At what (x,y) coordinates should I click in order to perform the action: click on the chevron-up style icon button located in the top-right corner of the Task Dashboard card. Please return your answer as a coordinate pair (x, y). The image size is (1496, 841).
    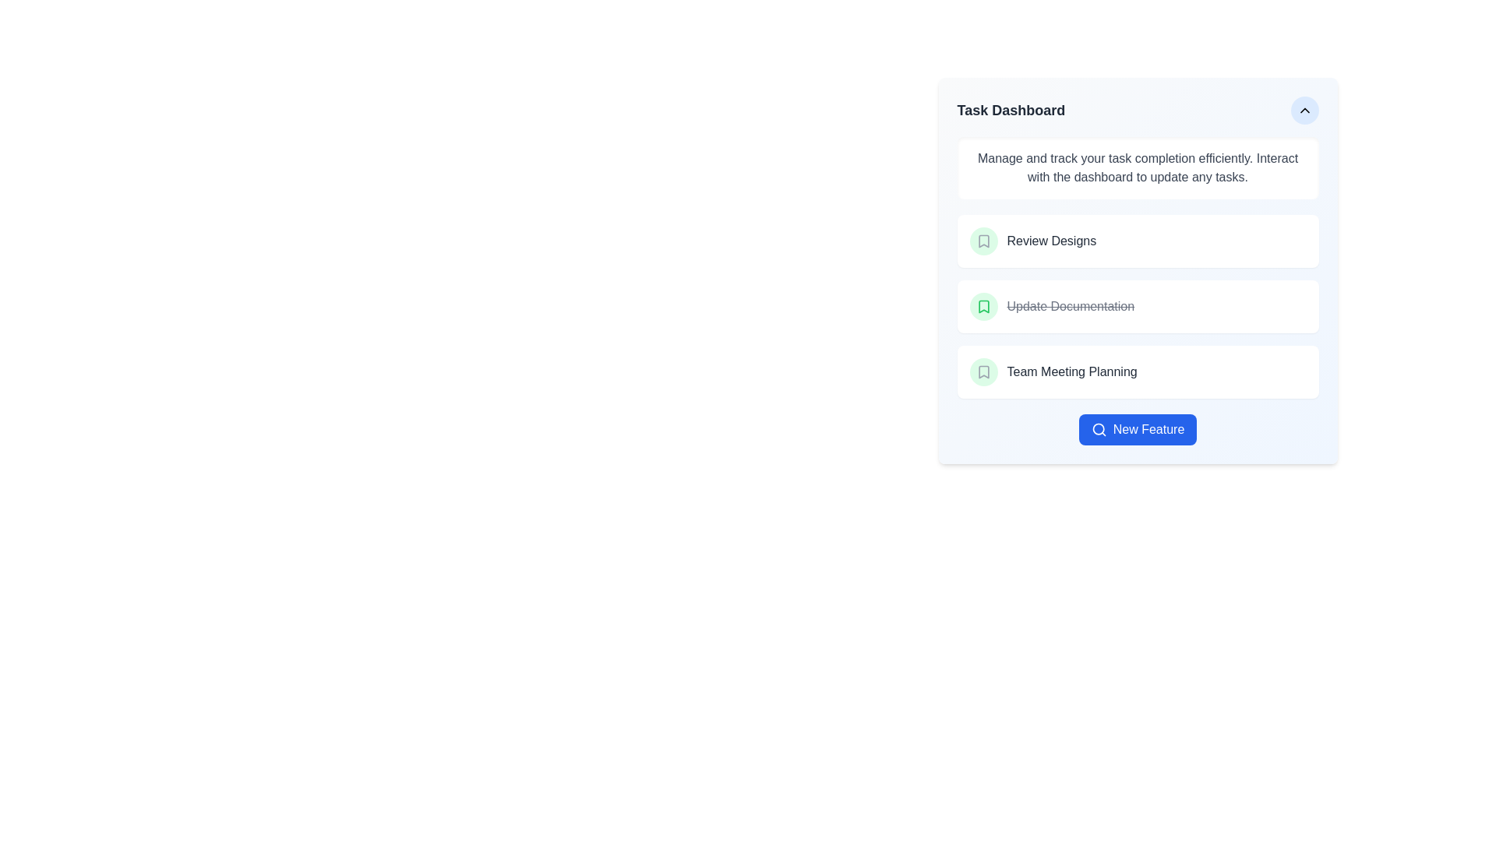
    Looking at the image, I should click on (1304, 110).